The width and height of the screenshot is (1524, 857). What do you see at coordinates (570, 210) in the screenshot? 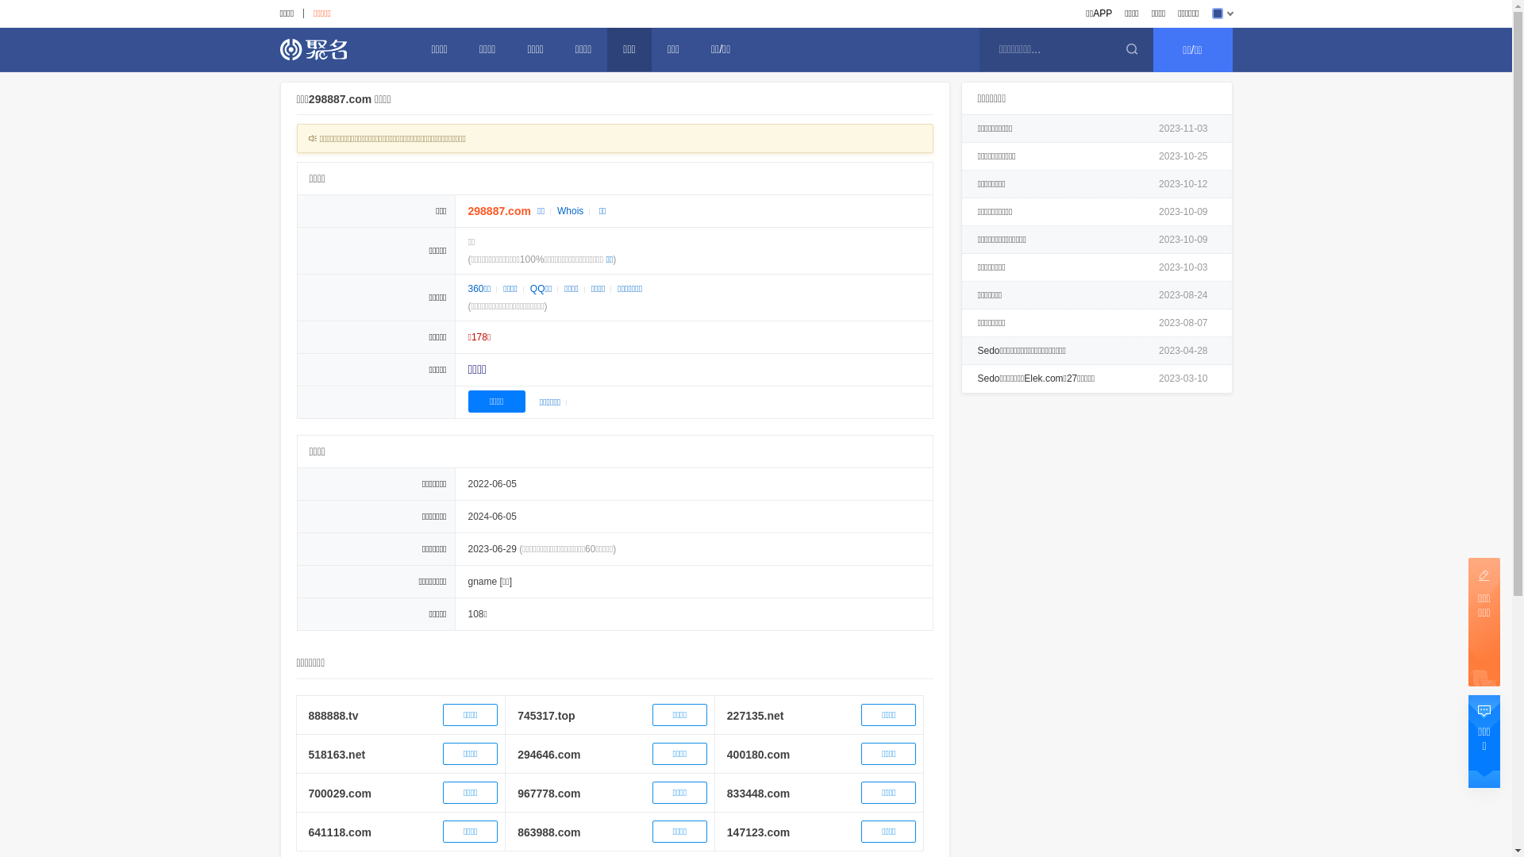
I see `'Whois'` at bounding box center [570, 210].